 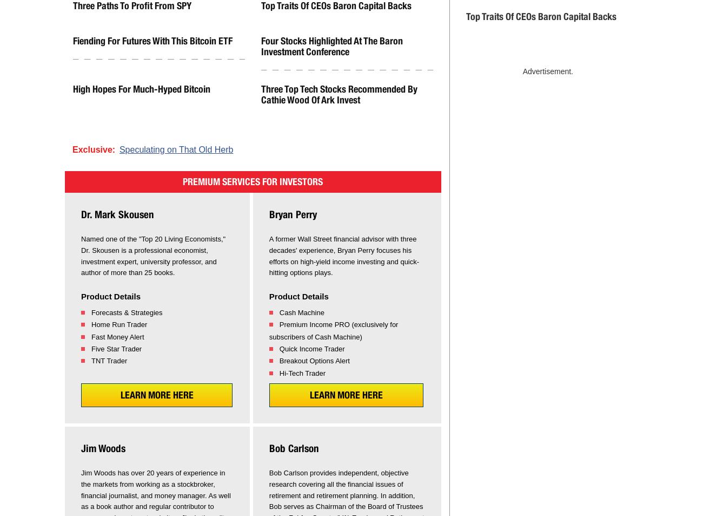 I want to click on 'High Hopes for Much-Hyped Bitcoin', so click(x=141, y=88).